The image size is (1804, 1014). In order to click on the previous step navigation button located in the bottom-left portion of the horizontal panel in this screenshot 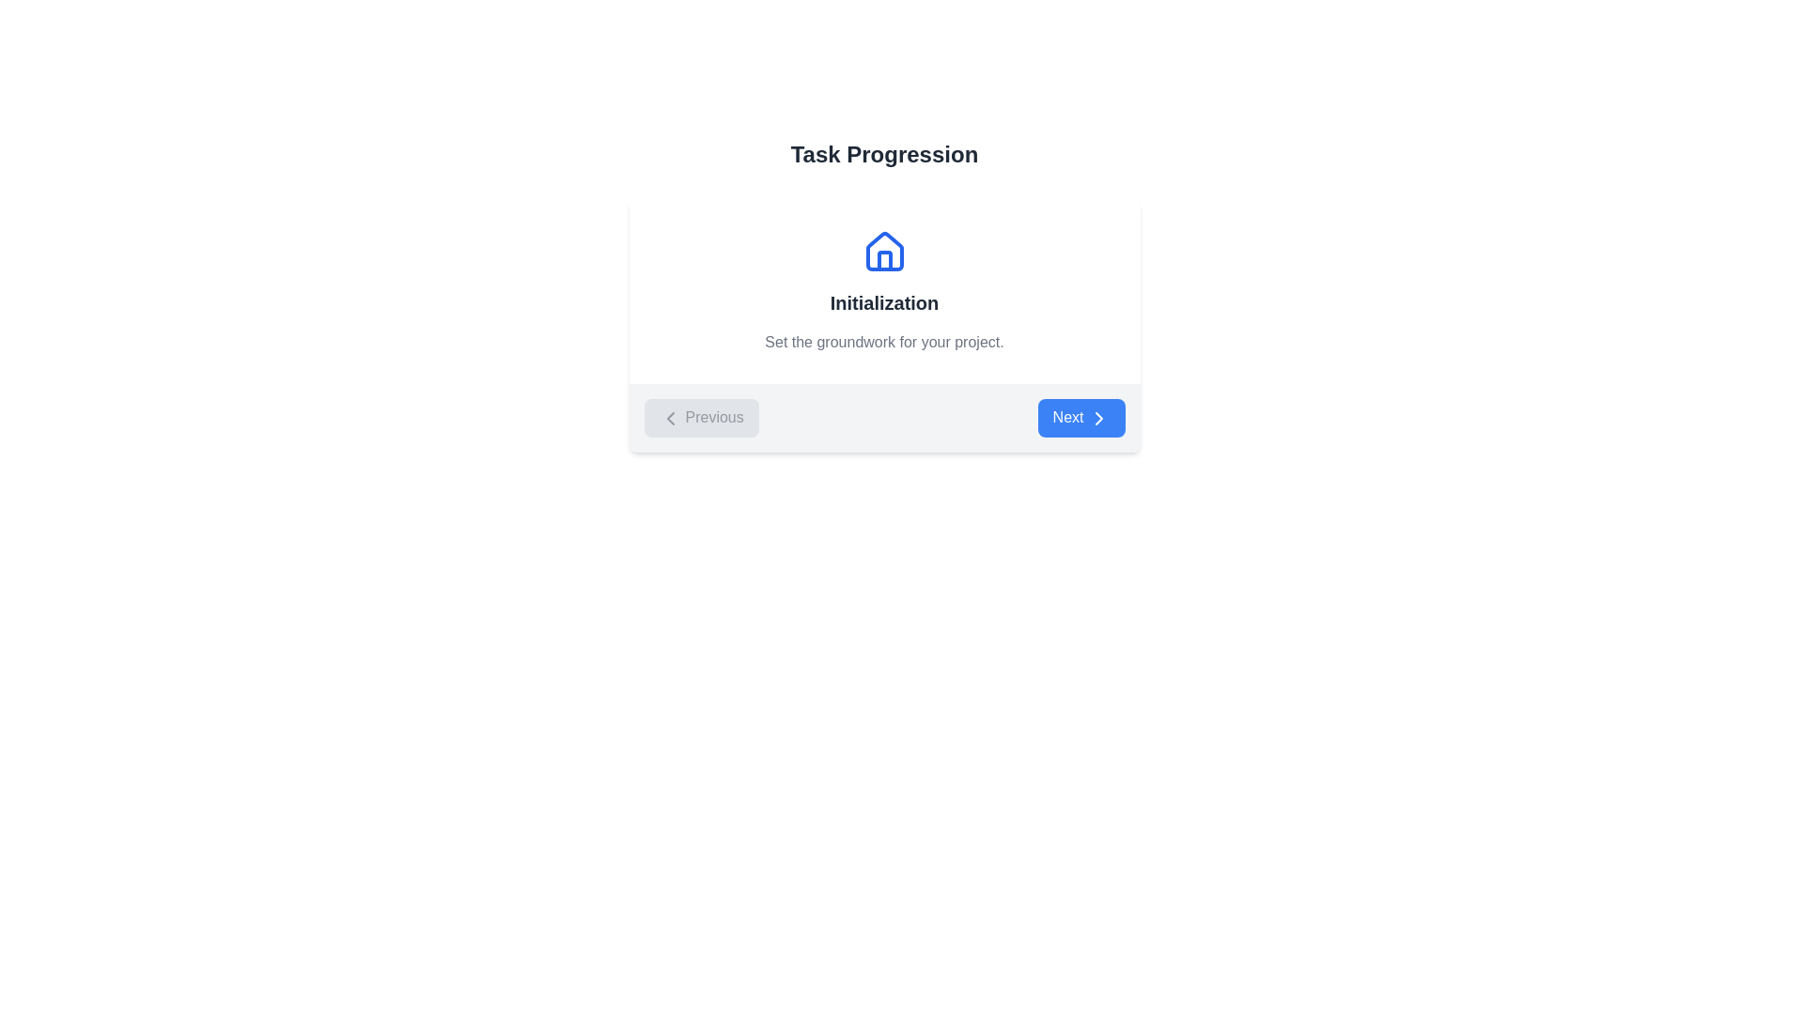, I will do `click(700, 417)`.